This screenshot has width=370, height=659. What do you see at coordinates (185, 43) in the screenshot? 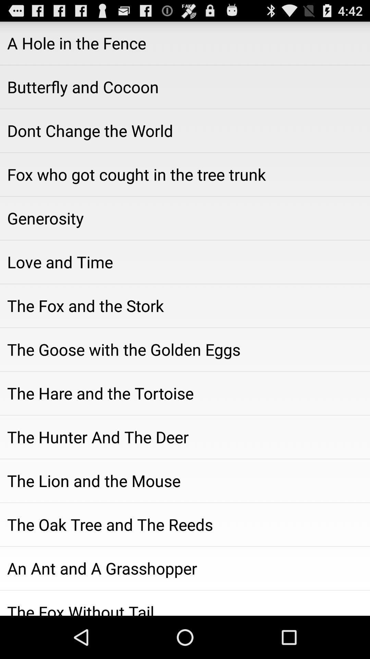
I see `the a hole in app` at bounding box center [185, 43].